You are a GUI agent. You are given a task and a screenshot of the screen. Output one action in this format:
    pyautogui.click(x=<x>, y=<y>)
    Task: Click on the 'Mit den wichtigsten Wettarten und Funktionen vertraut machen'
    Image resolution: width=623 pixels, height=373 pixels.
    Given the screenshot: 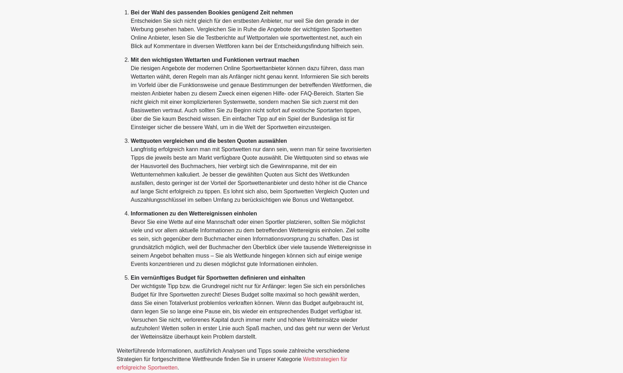 What is the action you would take?
    pyautogui.click(x=215, y=60)
    